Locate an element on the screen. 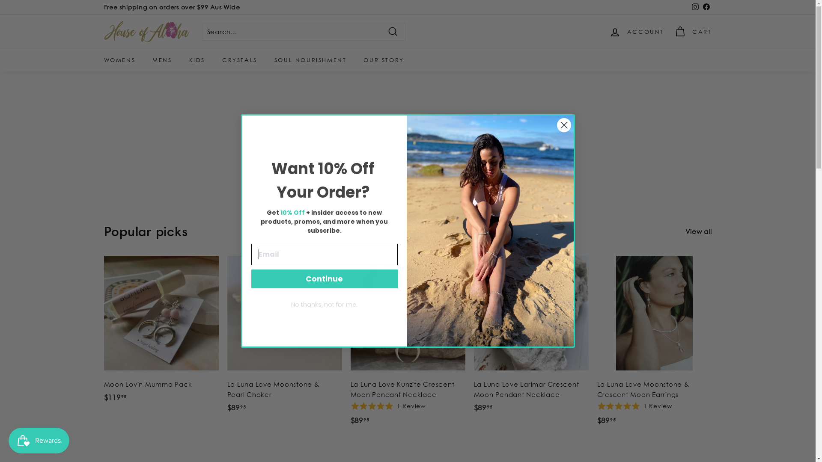  'View all' is located at coordinates (698, 231).